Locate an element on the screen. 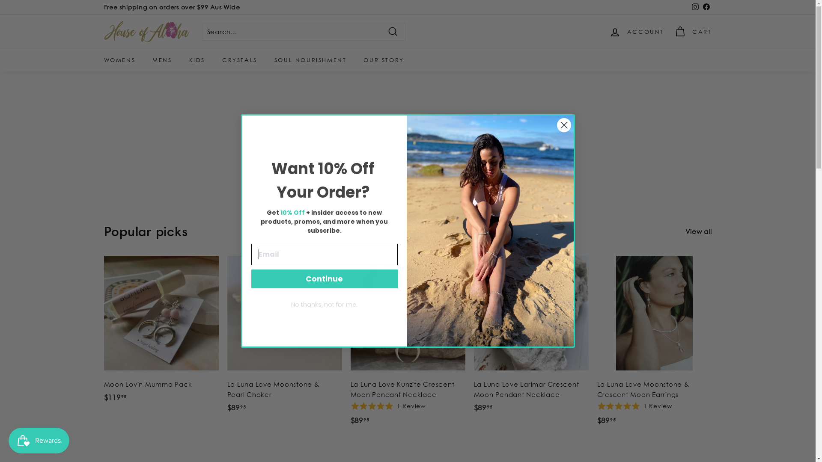  'View all' is located at coordinates (698, 231).